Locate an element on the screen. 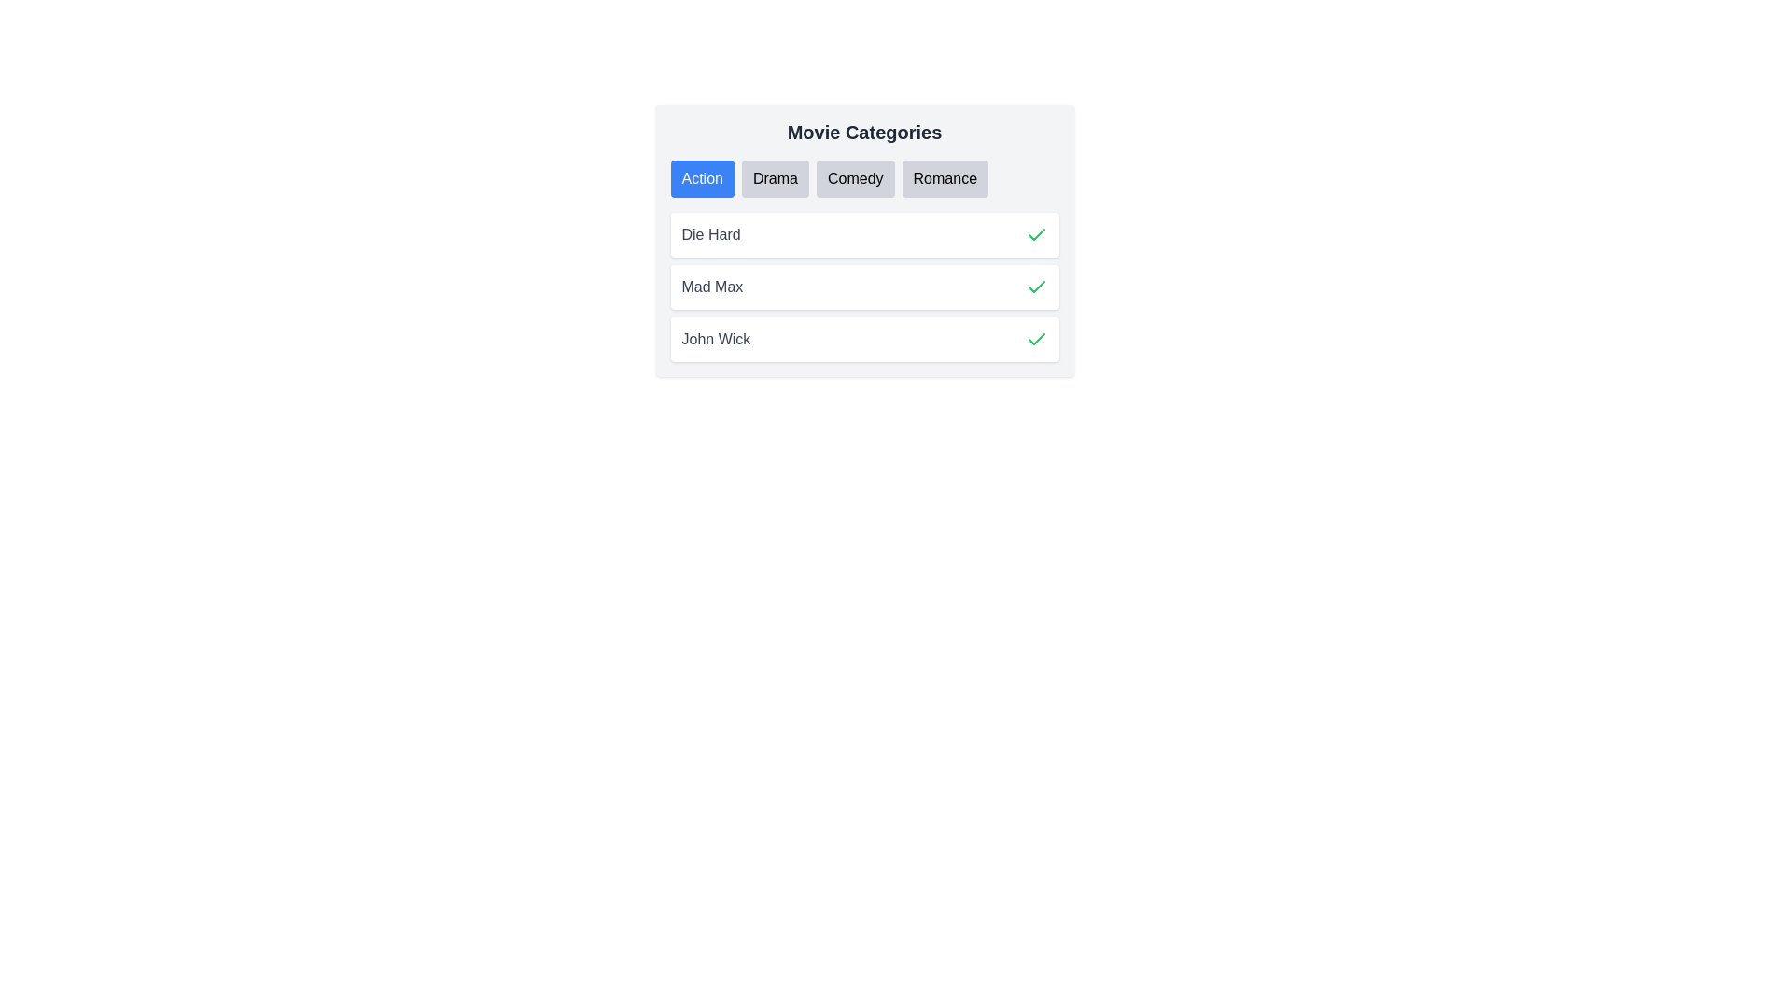 This screenshot has height=1008, width=1792. the first button in the movie category filter interface is located at coordinates (701, 179).